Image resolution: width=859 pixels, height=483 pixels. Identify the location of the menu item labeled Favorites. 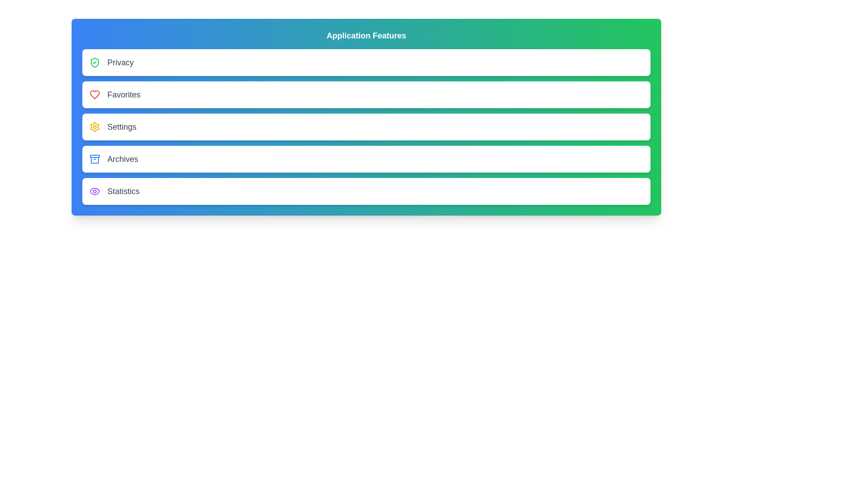
(366, 95).